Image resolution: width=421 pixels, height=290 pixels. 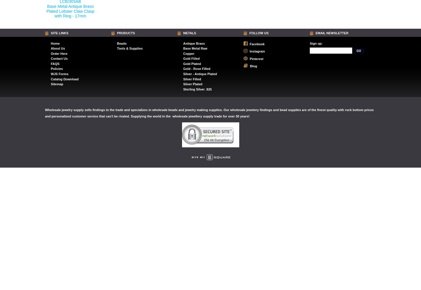 I want to click on 'Sign up:', so click(x=316, y=43).